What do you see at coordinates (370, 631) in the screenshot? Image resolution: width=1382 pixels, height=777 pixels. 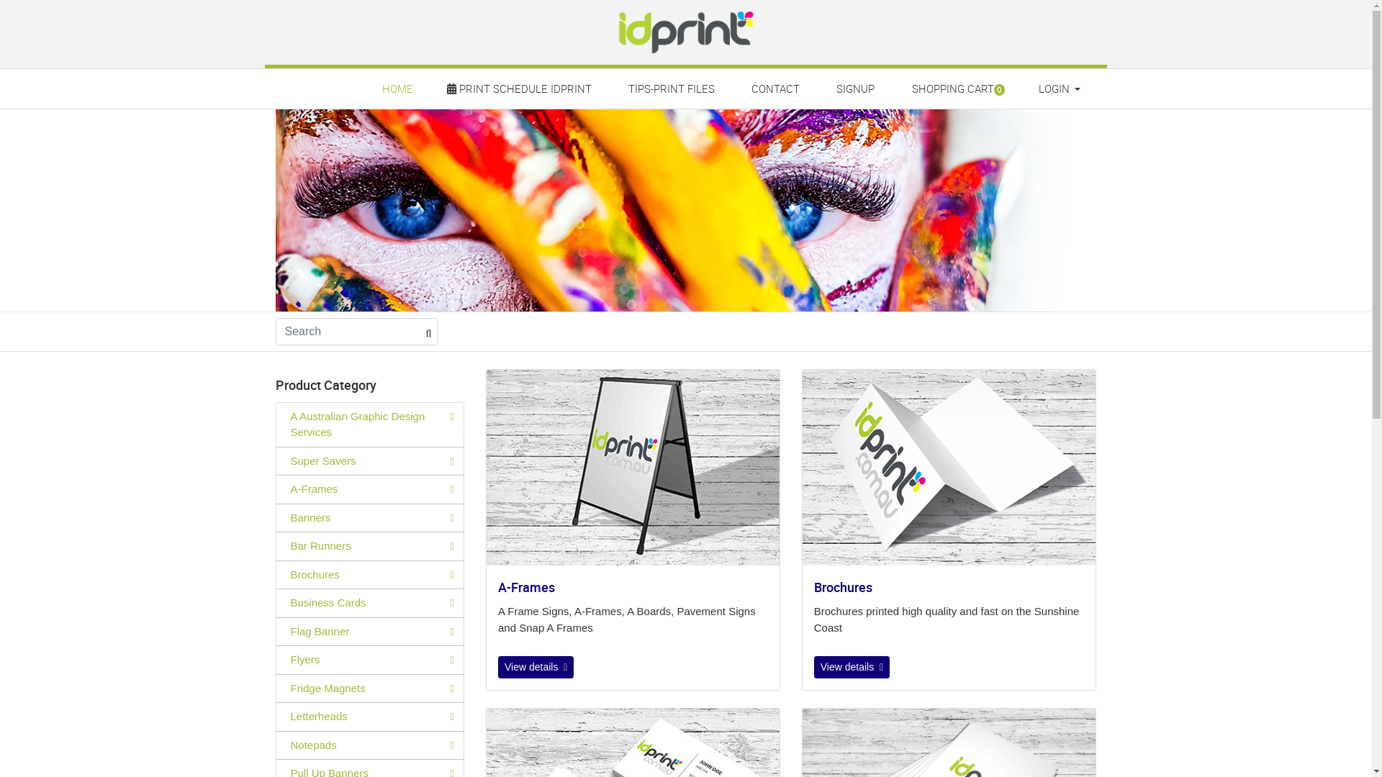 I see `'Flag Banner'` at bounding box center [370, 631].